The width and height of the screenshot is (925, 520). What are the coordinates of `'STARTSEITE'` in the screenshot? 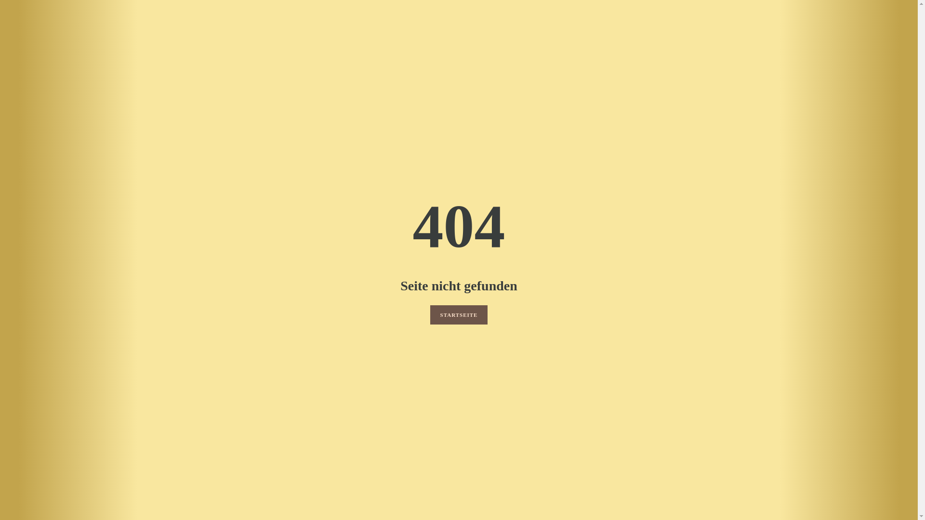 It's located at (429, 315).